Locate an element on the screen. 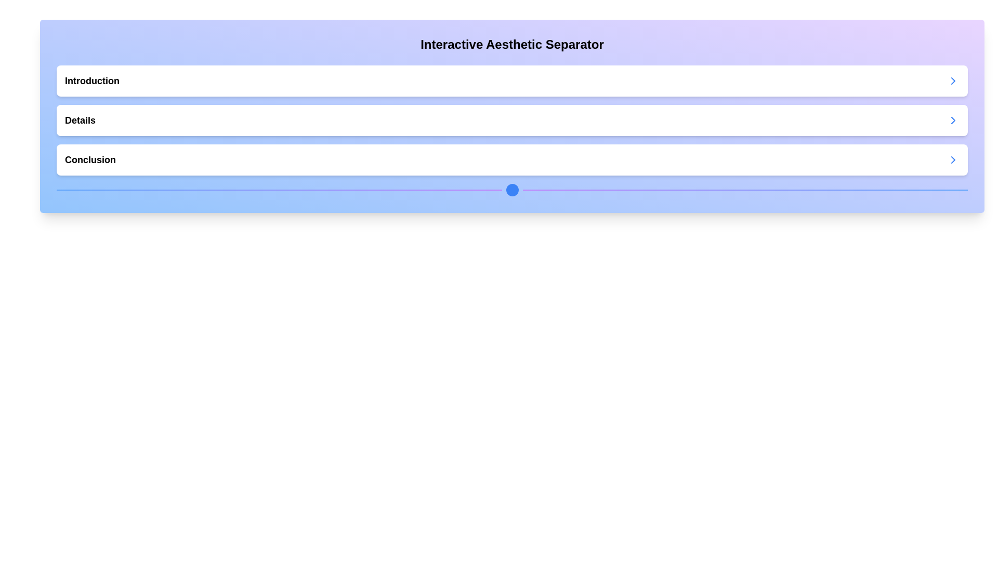  the icon located on the far right of the second row labeled 'Details' in the expandable section of the interface to trigger the expansion or navigation of the 'Details' section is located at coordinates (953, 119).